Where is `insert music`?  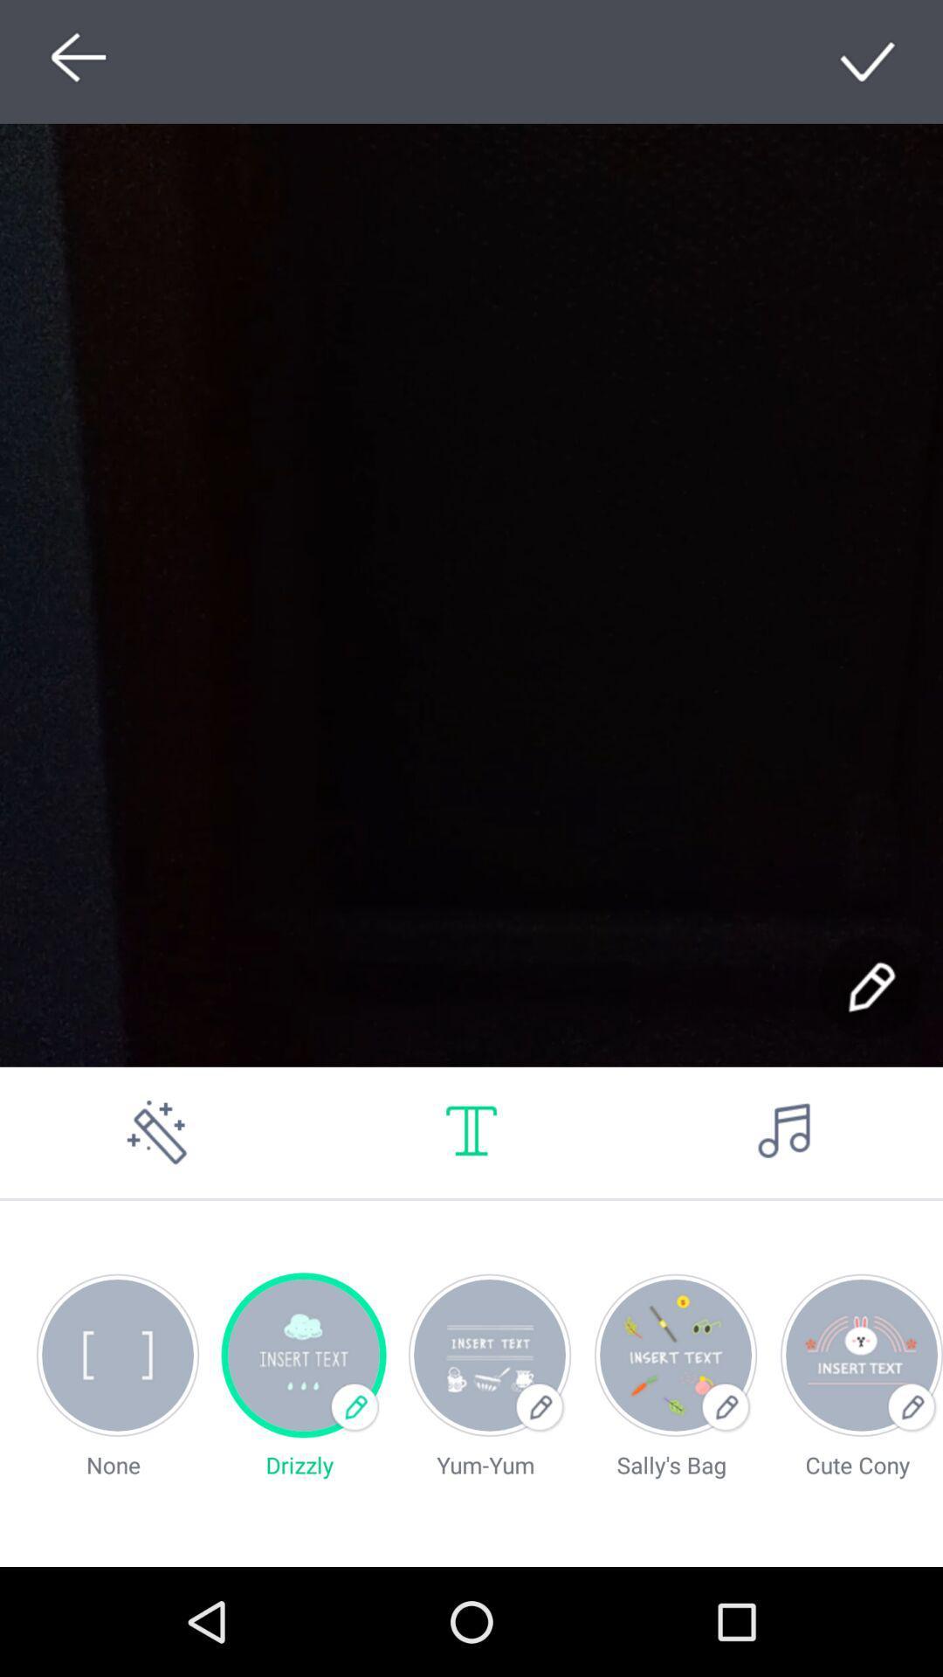 insert music is located at coordinates (784, 1132).